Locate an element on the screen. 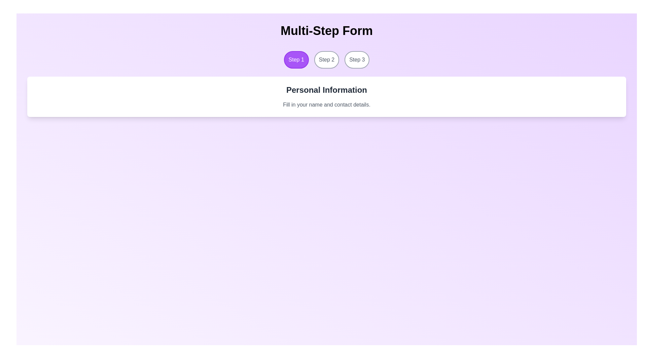  the Information block titled 'Personal Information' that contains the description 'Fill in your name and contact details.' is located at coordinates (326, 97).